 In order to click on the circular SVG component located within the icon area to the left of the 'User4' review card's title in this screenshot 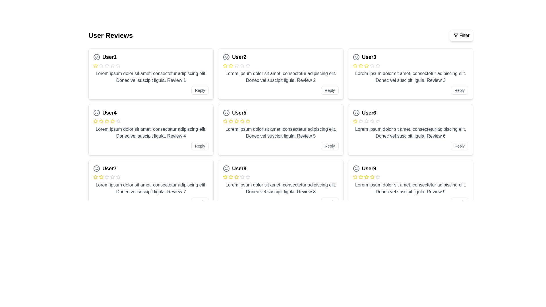, I will do `click(97, 113)`.